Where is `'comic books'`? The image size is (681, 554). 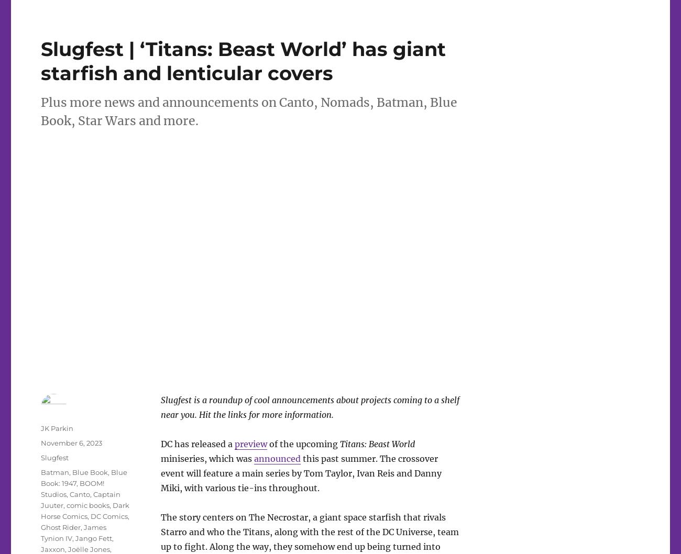 'comic books' is located at coordinates (87, 505).